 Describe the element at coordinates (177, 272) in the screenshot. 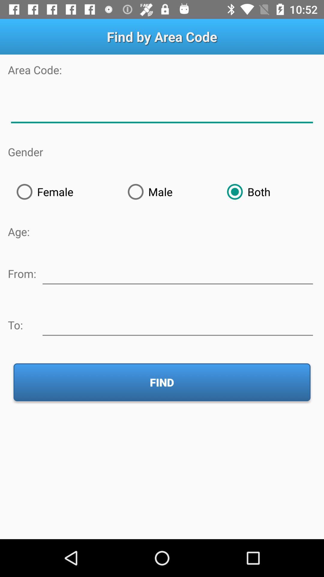

I see `lowest age` at that location.